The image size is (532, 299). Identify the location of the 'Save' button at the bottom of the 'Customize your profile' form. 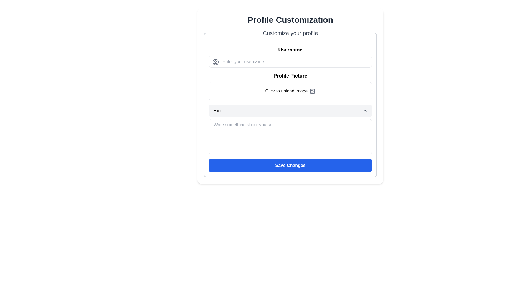
(290, 165).